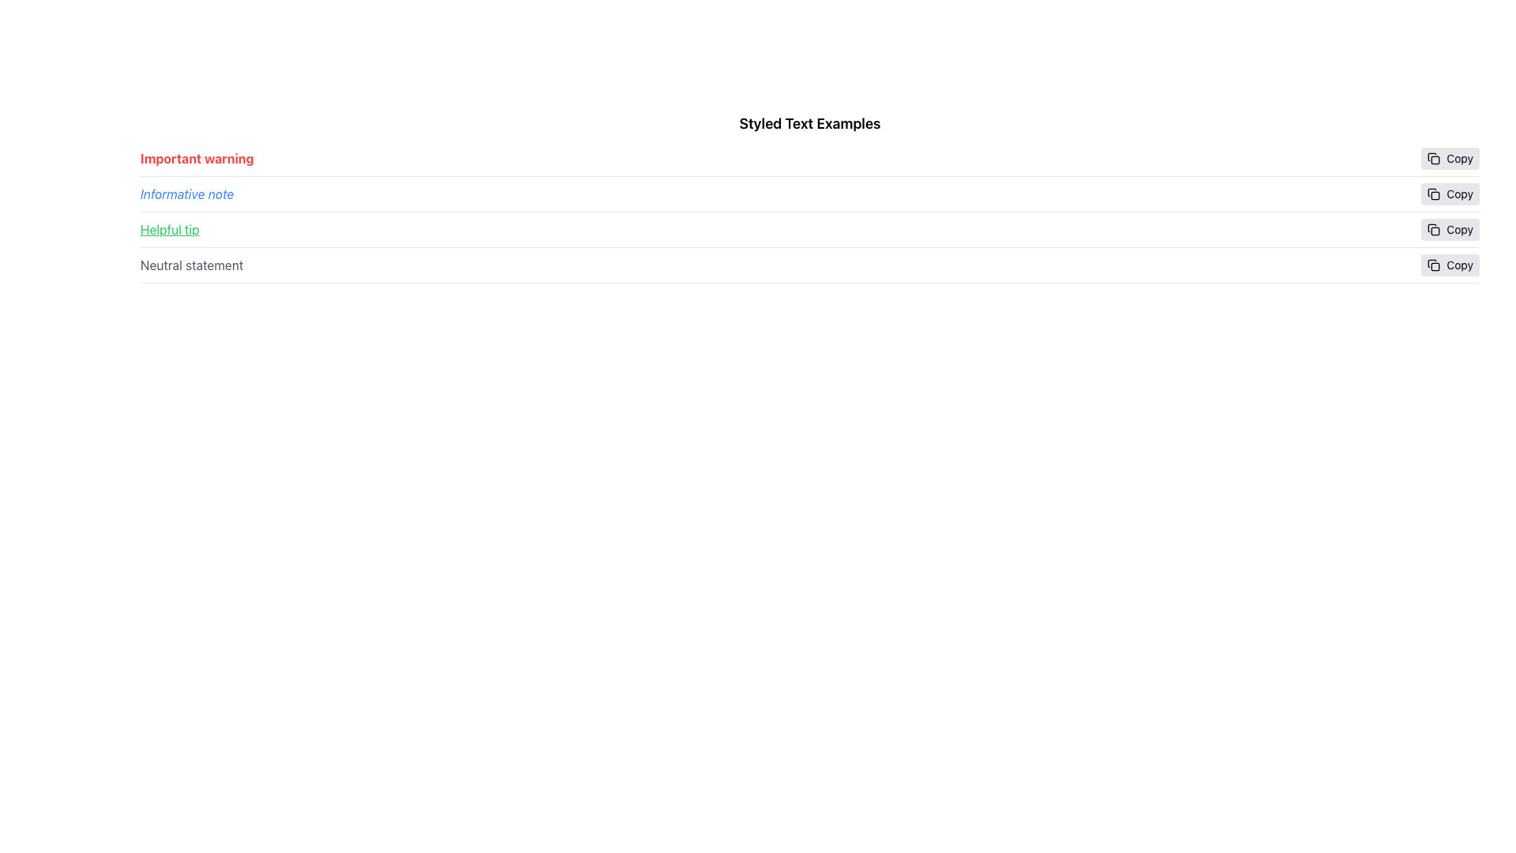 Image resolution: width=1516 pixels, height=853 pixels. I want to click on the static text element displaying 'Informative note' in italic blue font, located between 'Important warning' and 'Helpful tip', so click(187, 194).